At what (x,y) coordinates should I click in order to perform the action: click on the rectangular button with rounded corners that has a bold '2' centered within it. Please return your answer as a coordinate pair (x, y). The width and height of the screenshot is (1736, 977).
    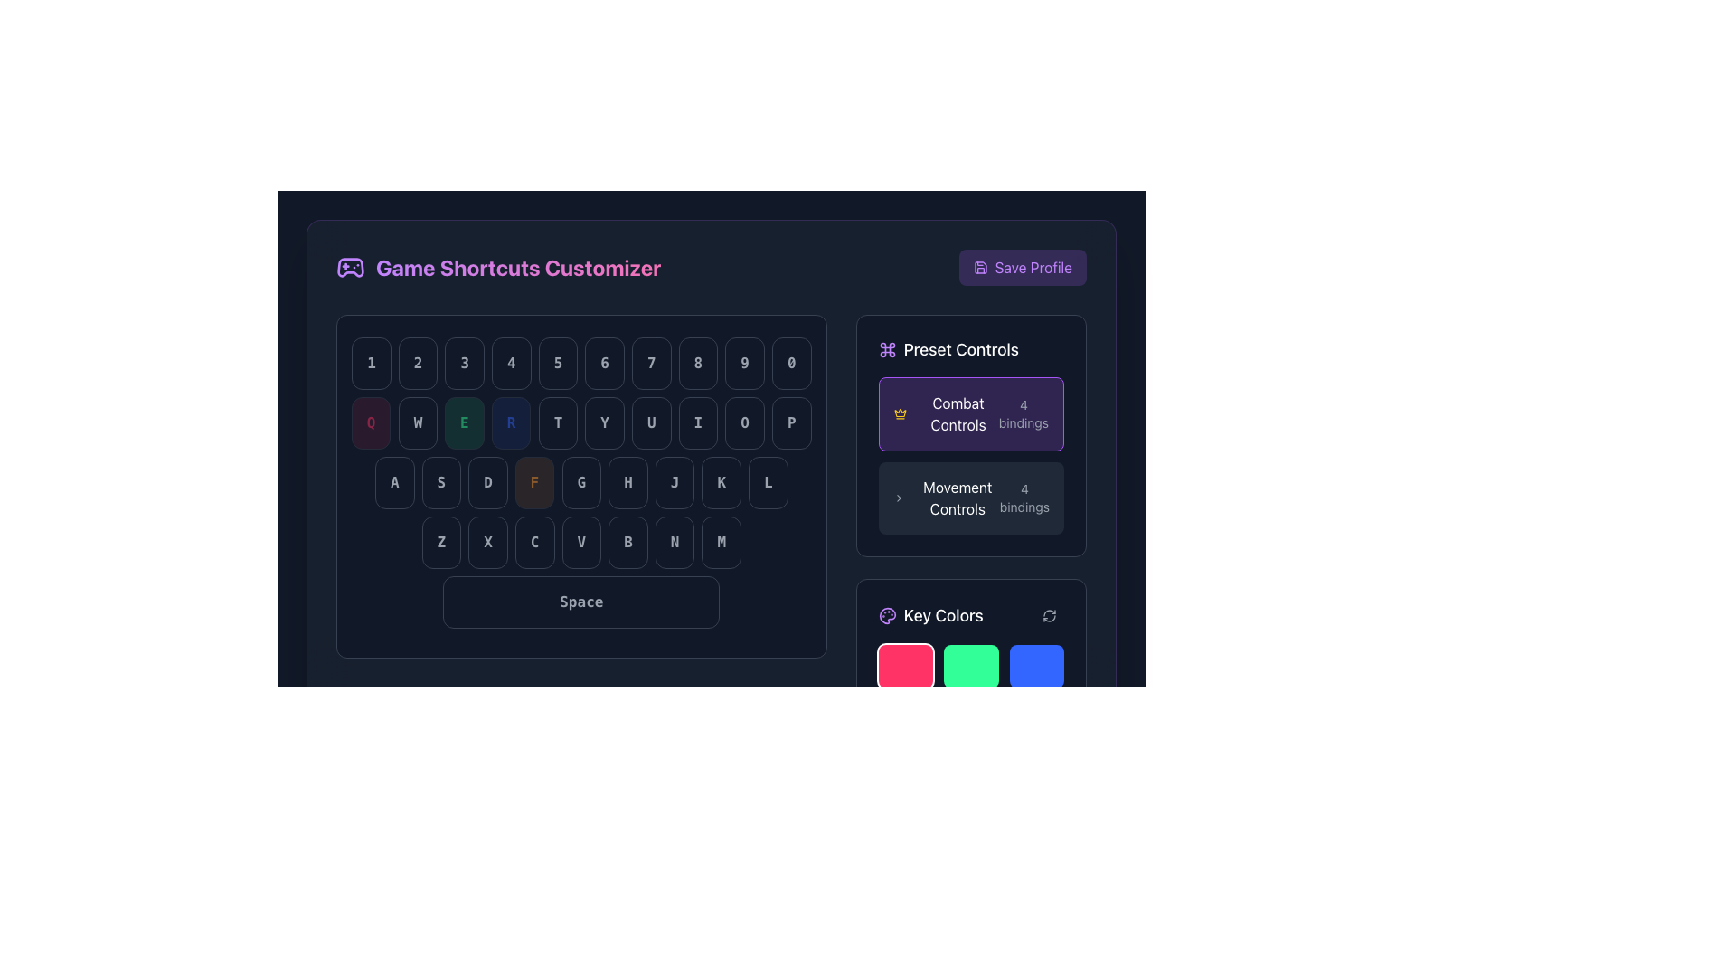
    Looking at the image, I should click on (417, 363).